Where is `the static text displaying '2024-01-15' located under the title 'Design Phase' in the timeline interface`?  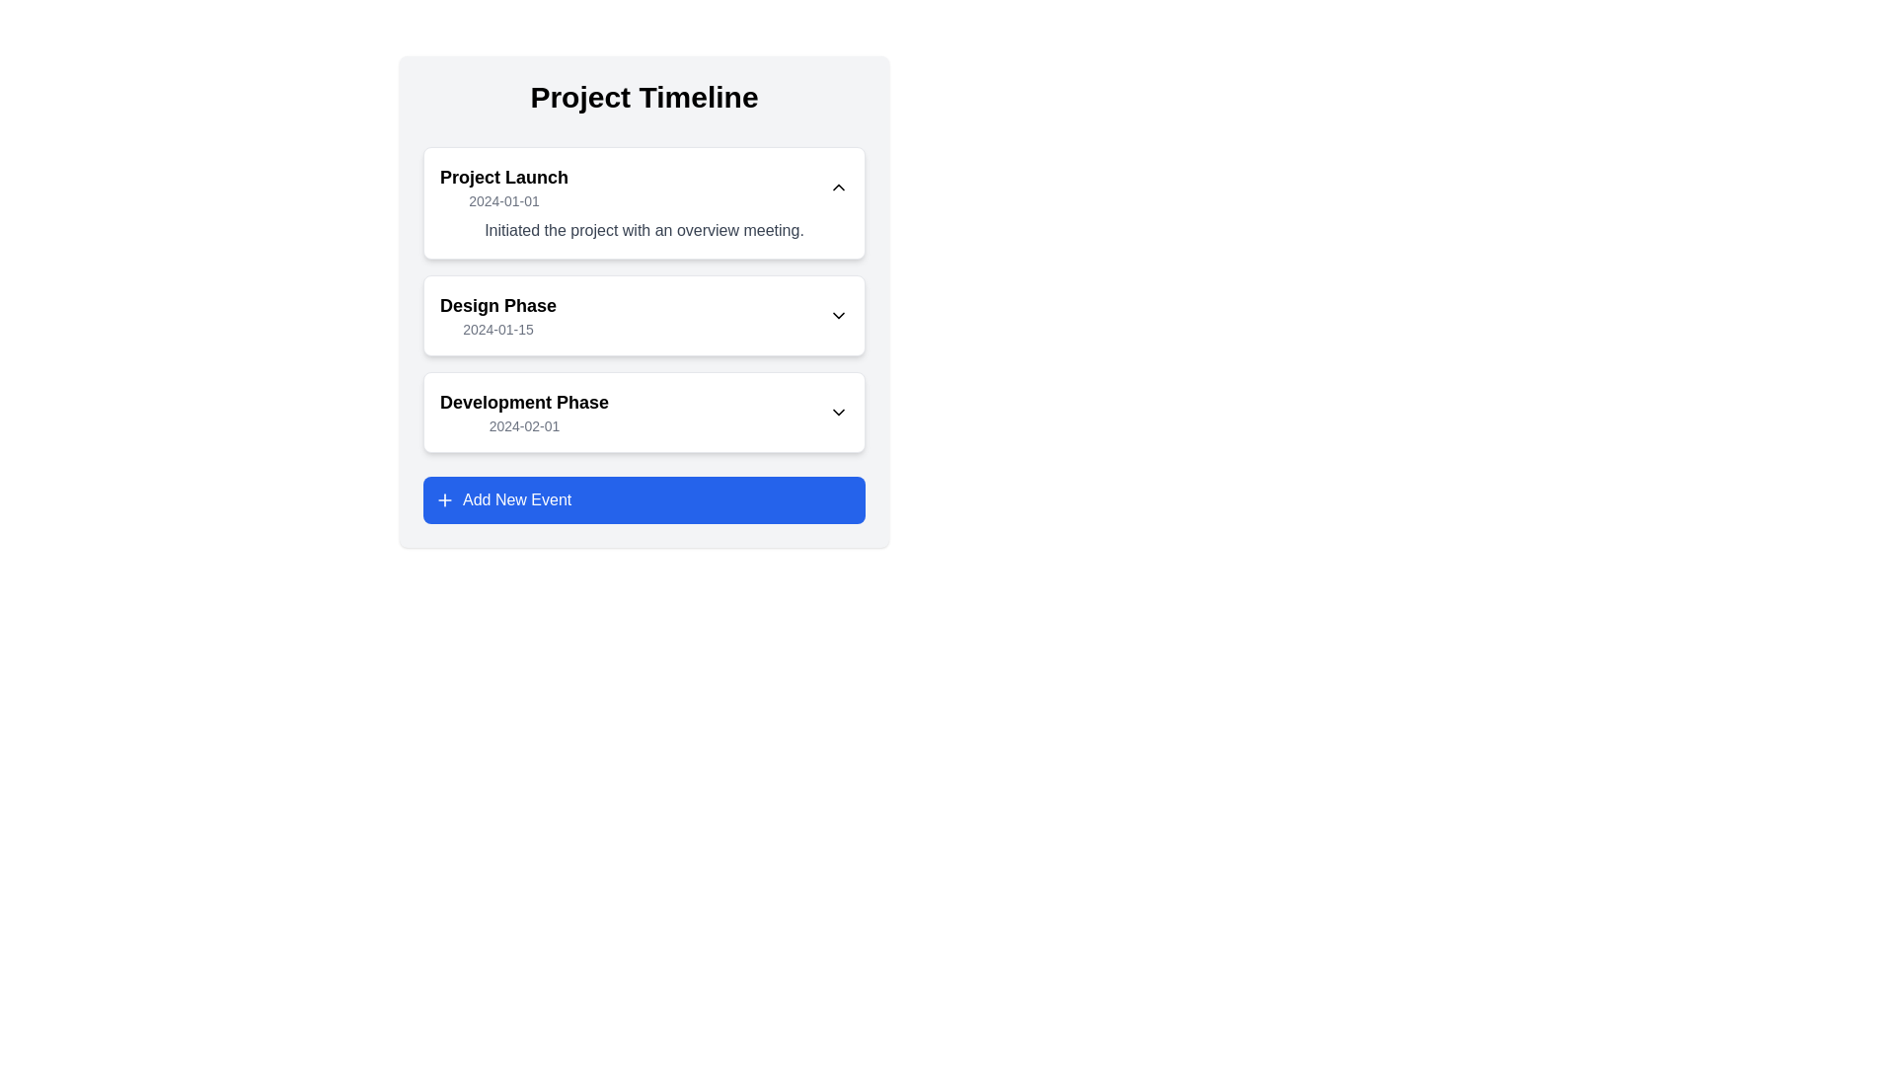
the static text displaying '2024-01-15' located under the title 'Design Phase' in the timeline interface is located at coordinates (497, 329).